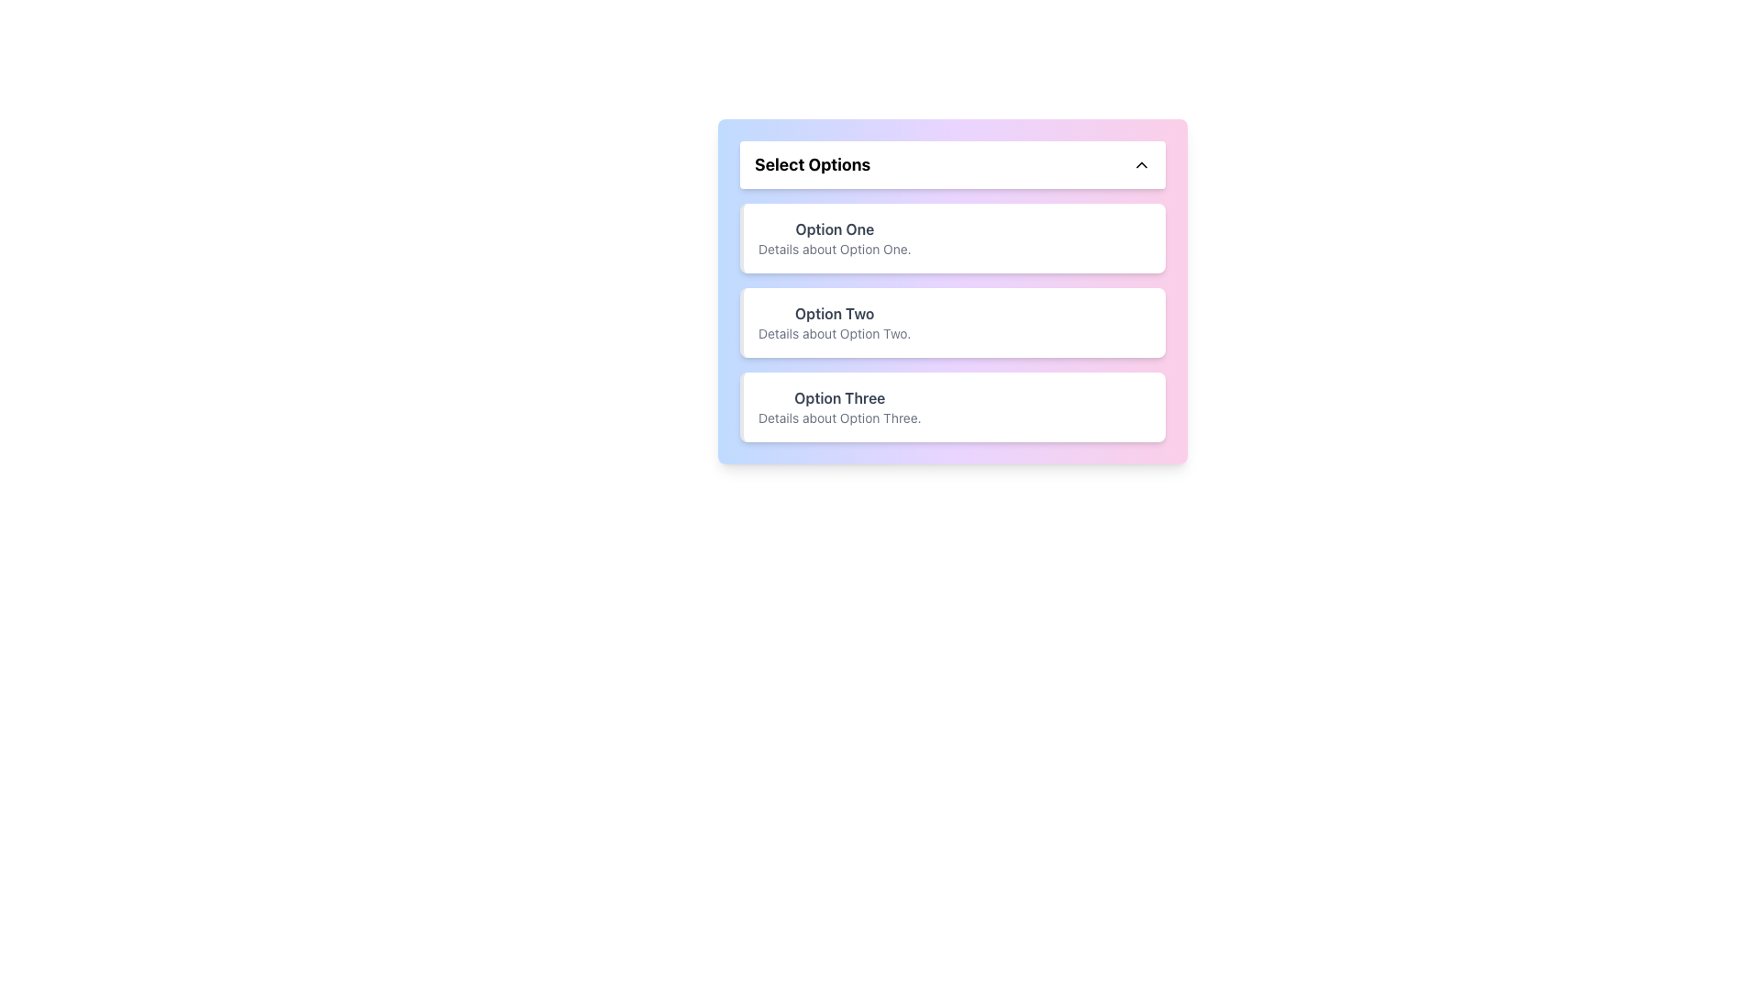 This screenshot has width=1761, height=991. I want to click on to select the 'Option Two' card, which is the second option in the list under the 'Select Options' header, so click(952, 290).